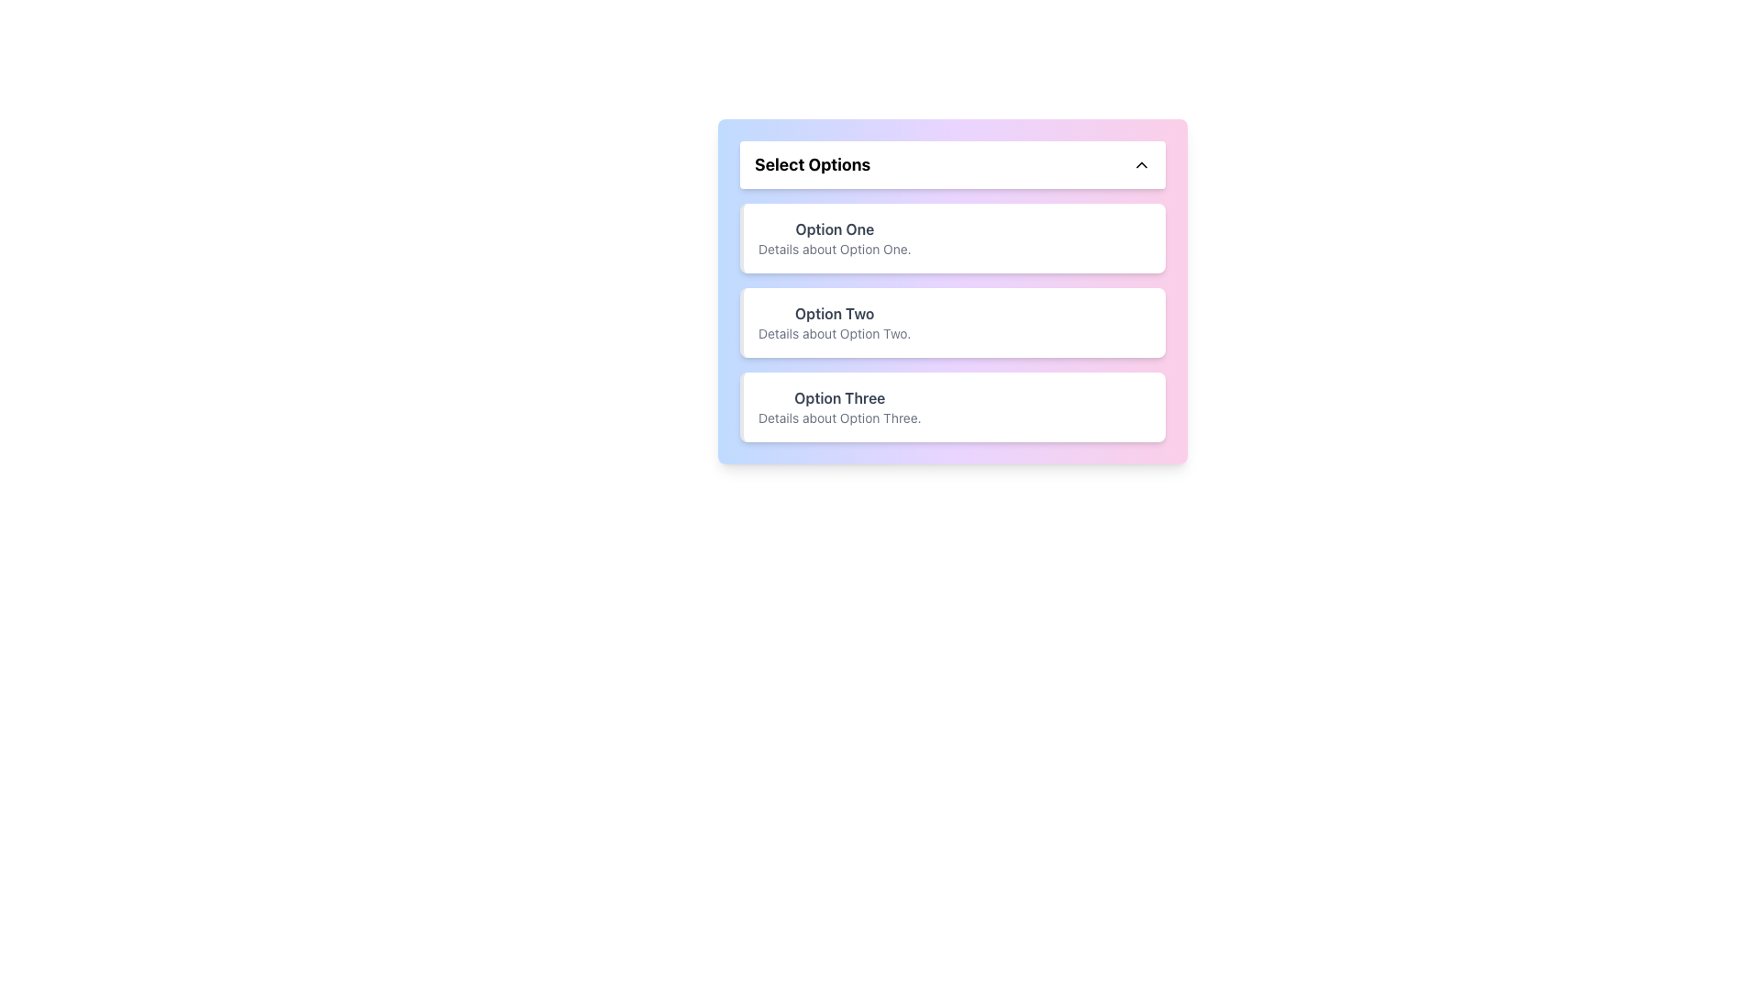 This screenshot has width=1761, height=991. I want to click on to select the 'Option Two' card, which is the second option in the list under the 'Select Options' header, so click(952, 290).